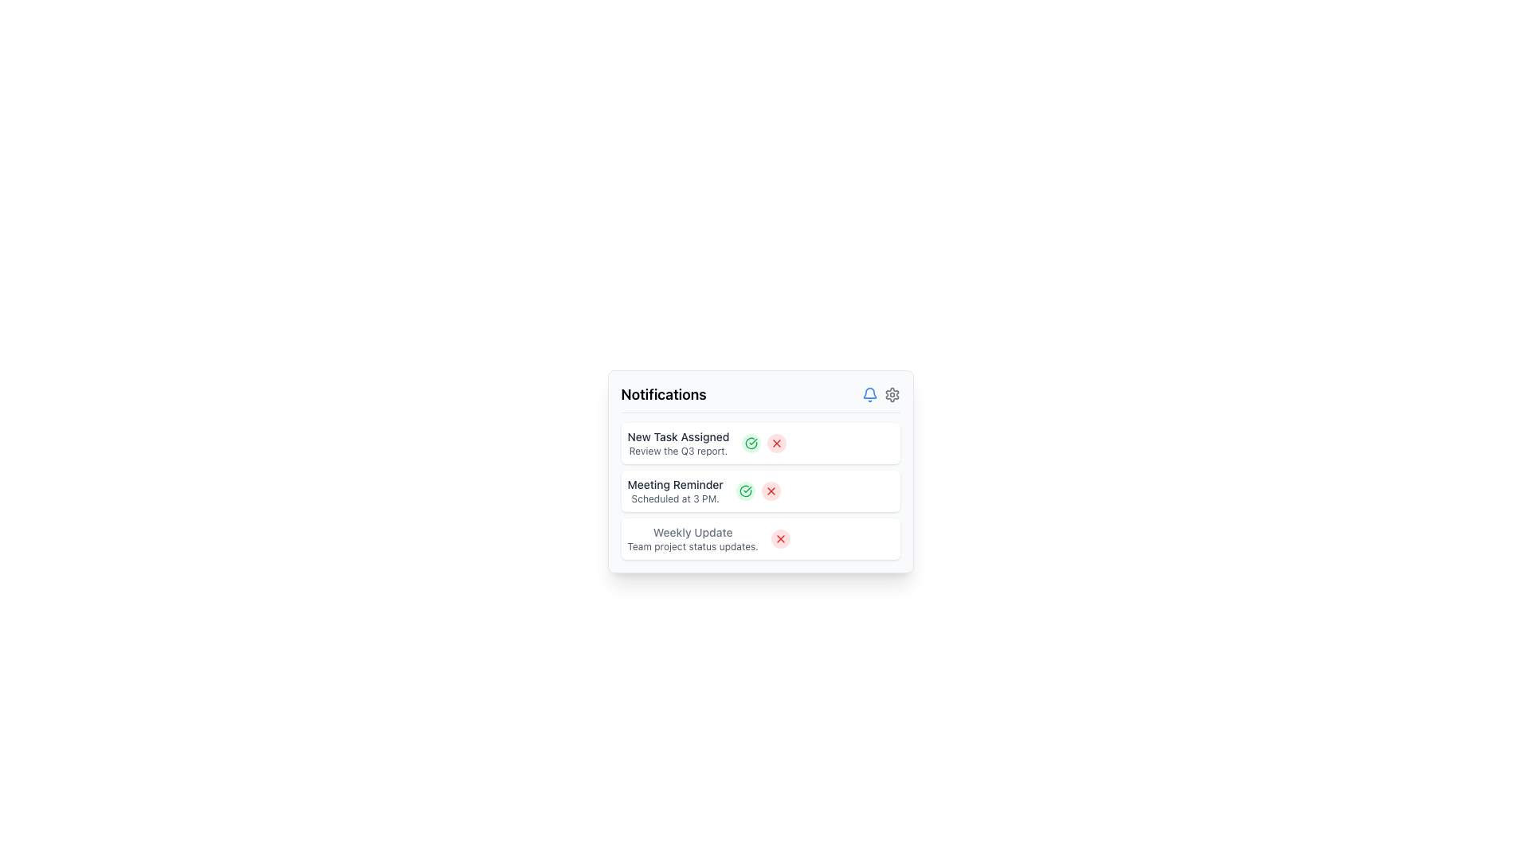 The height and width of the screenshot is (860, 1530). Describe the element at coordinates (780, 538) in the screenshot. I see `the red circular button with a white 'x' icon located at the far-right of the 'Weekly Update' notification card` at that location.